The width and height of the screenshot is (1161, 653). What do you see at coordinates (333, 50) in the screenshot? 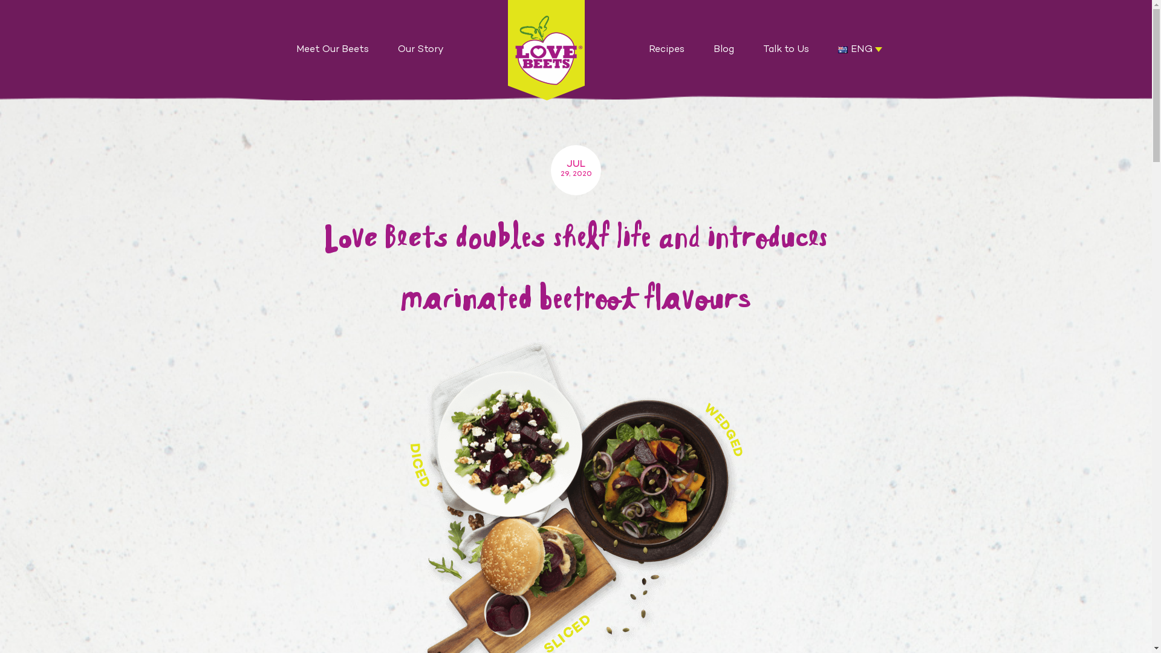
I see `'Meet Our Beets'` at bounding box center [333, 50].